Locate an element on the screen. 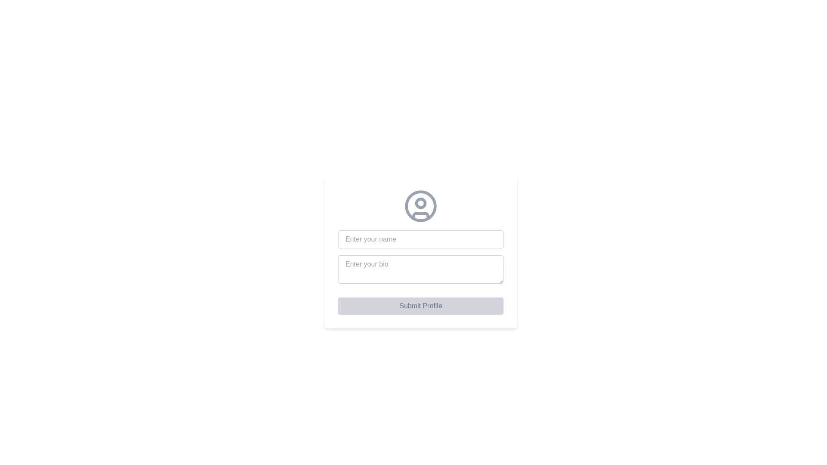 This screenshot has height=465, width=827. the circular outline of the user profile icon, which serves as a placeholder or avatar, located centrally above the input fields for 'Enter your name' and 'Enter your bio.' is located at coordinates (421, 206).